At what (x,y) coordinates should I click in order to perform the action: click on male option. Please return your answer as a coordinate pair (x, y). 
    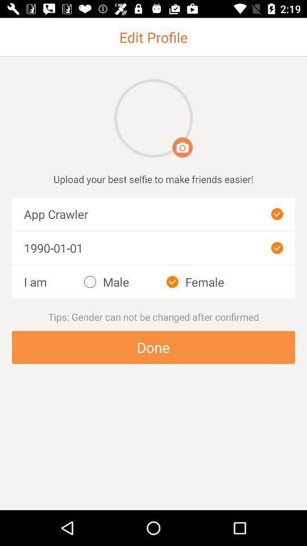
    Looking at the image, I should click on (106, 282).